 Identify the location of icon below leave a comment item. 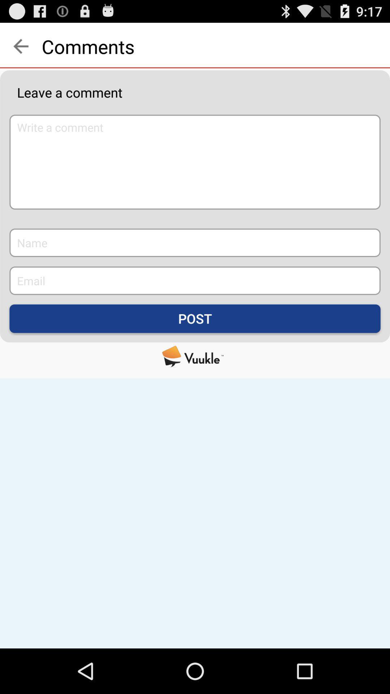
(195, 162).